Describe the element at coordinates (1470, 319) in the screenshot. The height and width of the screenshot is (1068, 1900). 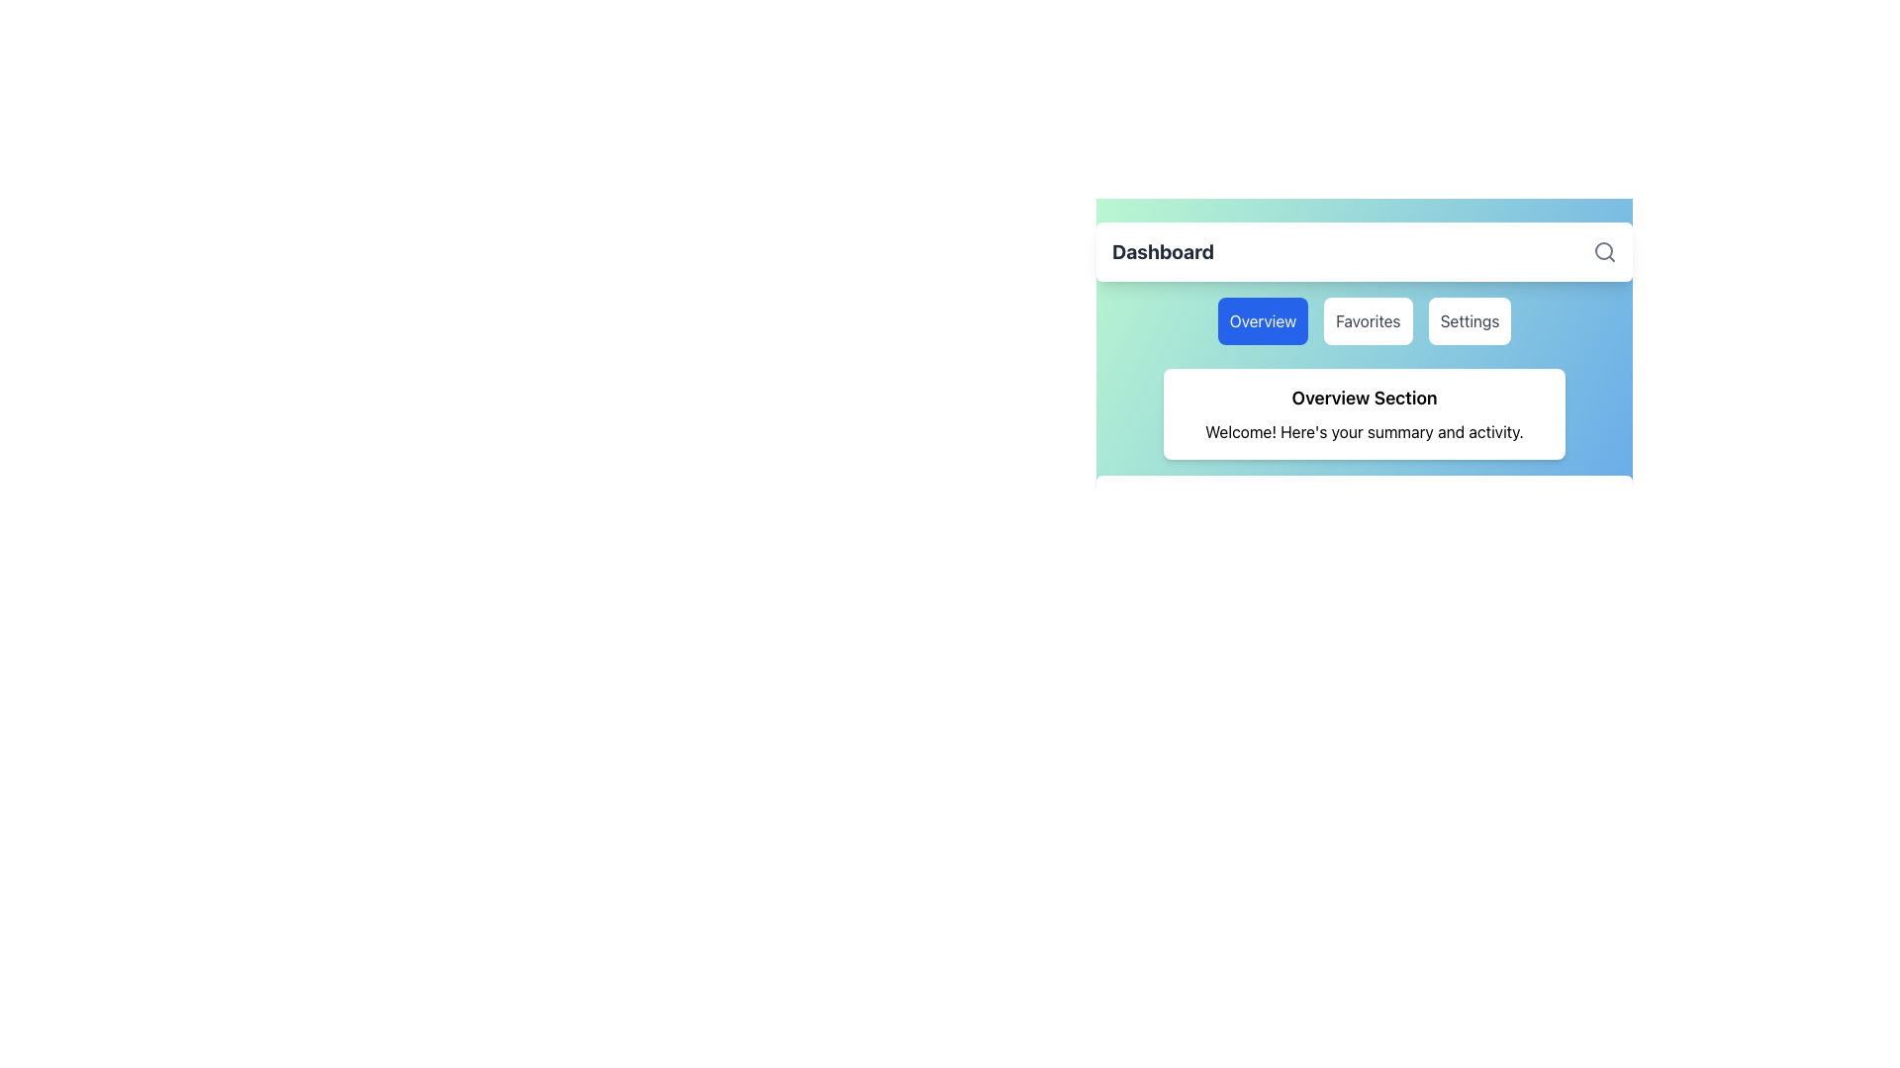
I see `the settings button located in the upper-right region of the menu` at that location.